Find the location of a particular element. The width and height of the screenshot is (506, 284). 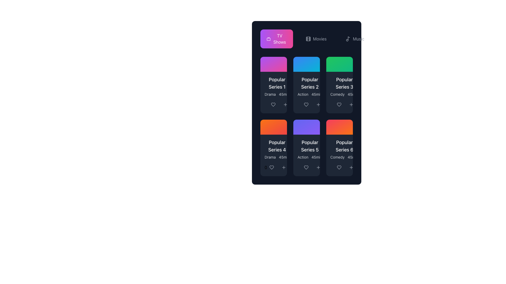

the 'TV Shows' icon located to the left of the 'TV Shows' button at the top-left corner of the interface is located at coordinates (269, 38).